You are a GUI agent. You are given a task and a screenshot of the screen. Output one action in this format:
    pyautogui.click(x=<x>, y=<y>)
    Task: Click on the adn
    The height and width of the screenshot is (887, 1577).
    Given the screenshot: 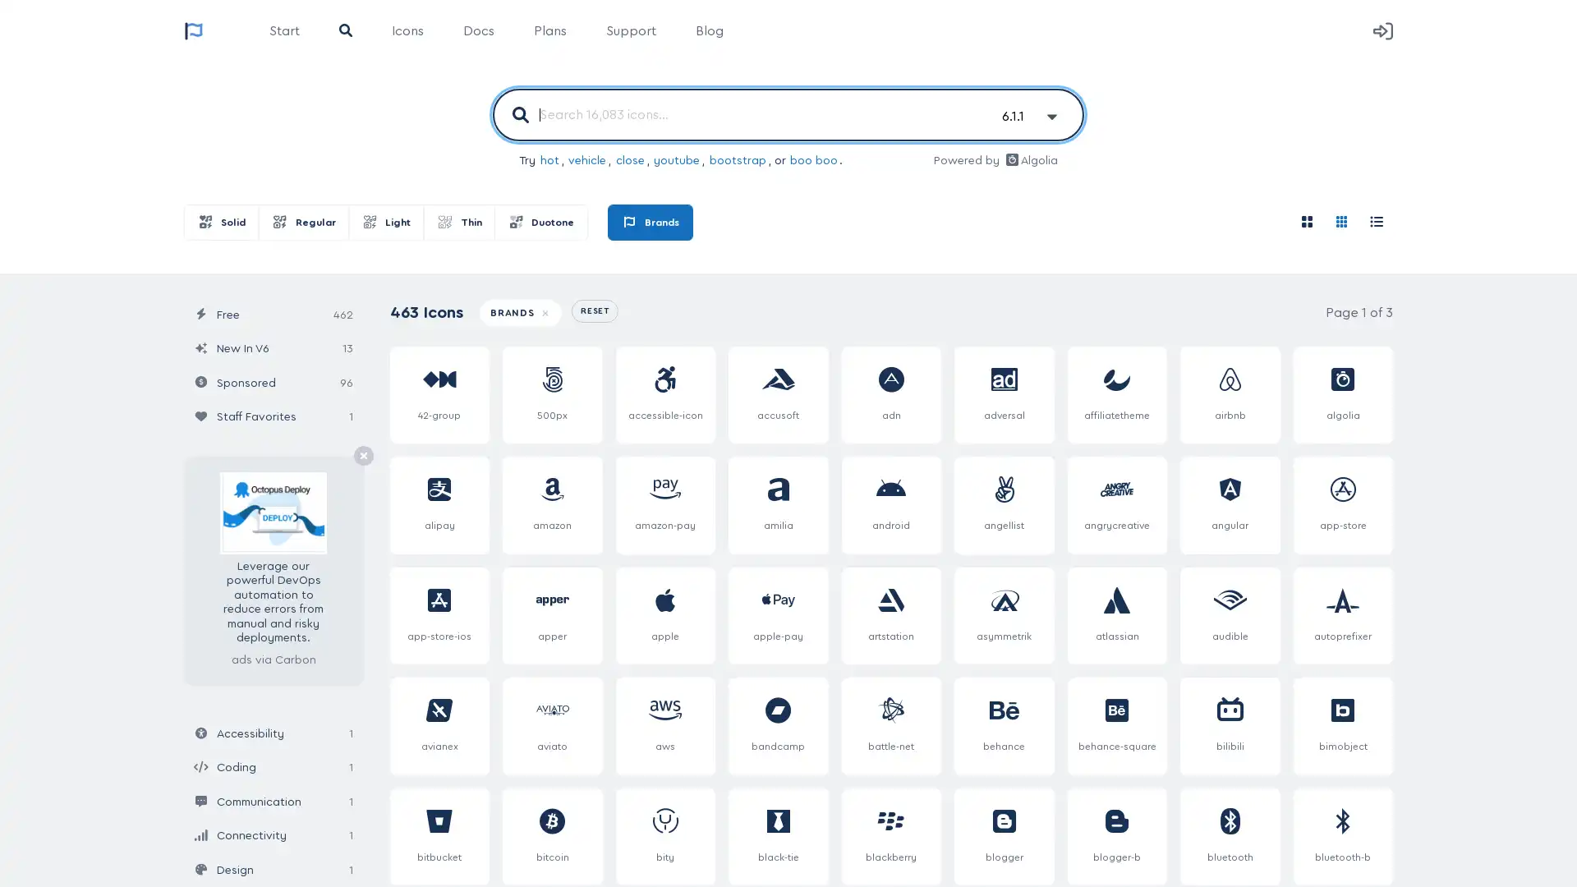 What is the action you would take?
    pyautogui.click(x=890, y=406)
    